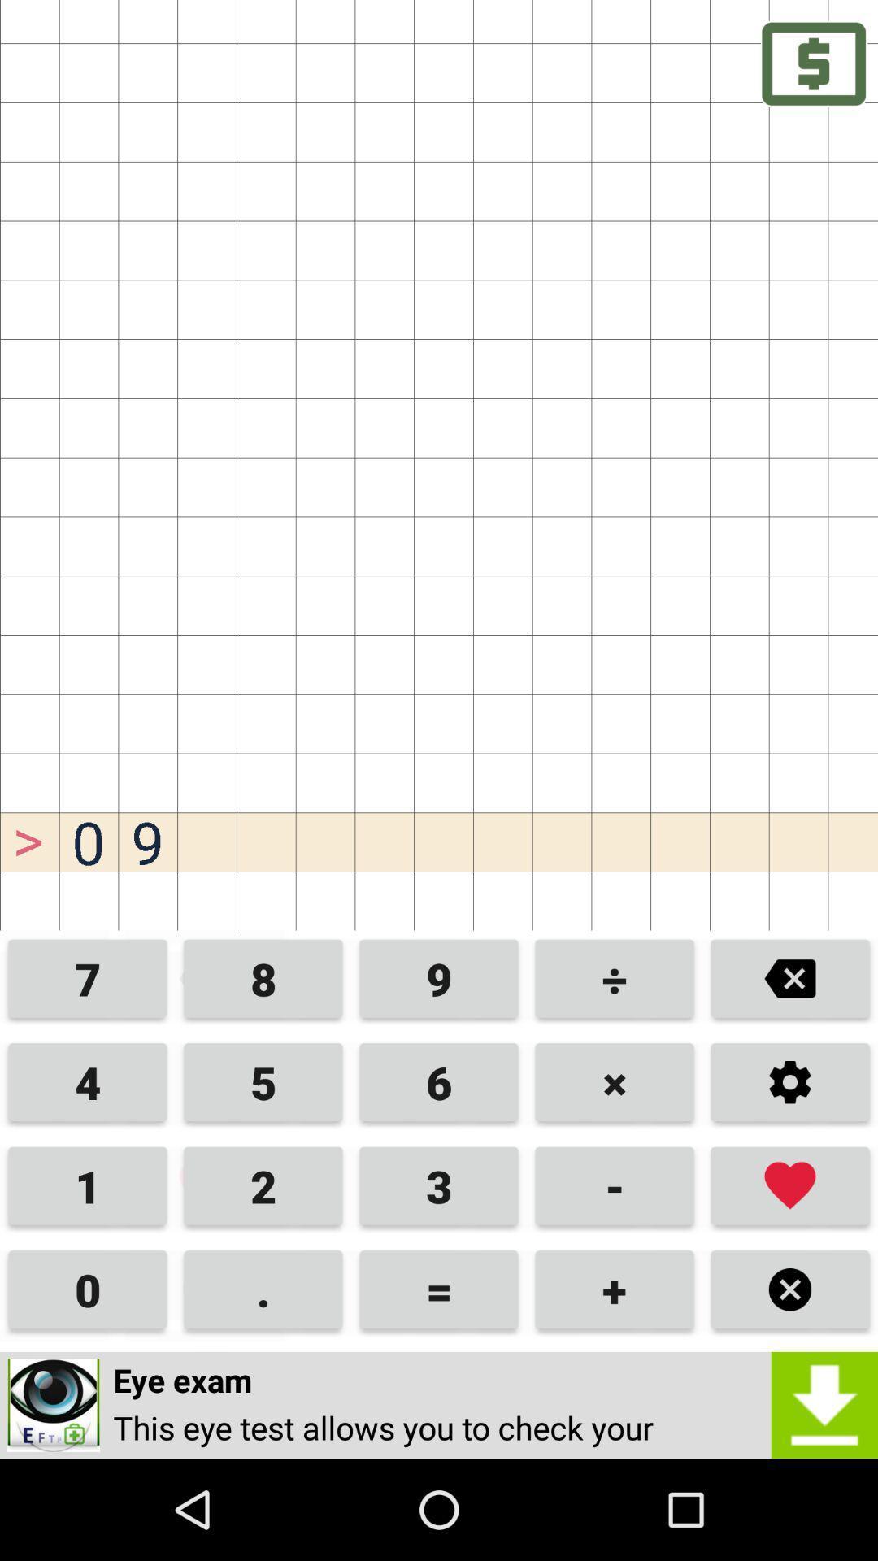 This screenshot has height=1561, width=878. I want to click on the favorite icon, so click(789, 1185).